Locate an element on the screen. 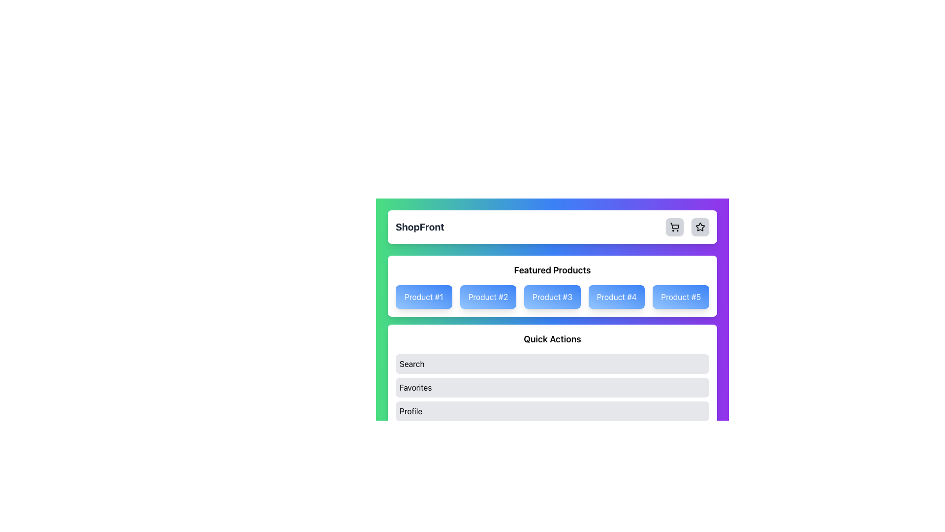 The height and width of the screenshot is (532, 945). the star icon, which has a thin black outline and represents a favorite action, located in the top-right corner of the interface, to favorite an item is located at coordinates (699, 227).